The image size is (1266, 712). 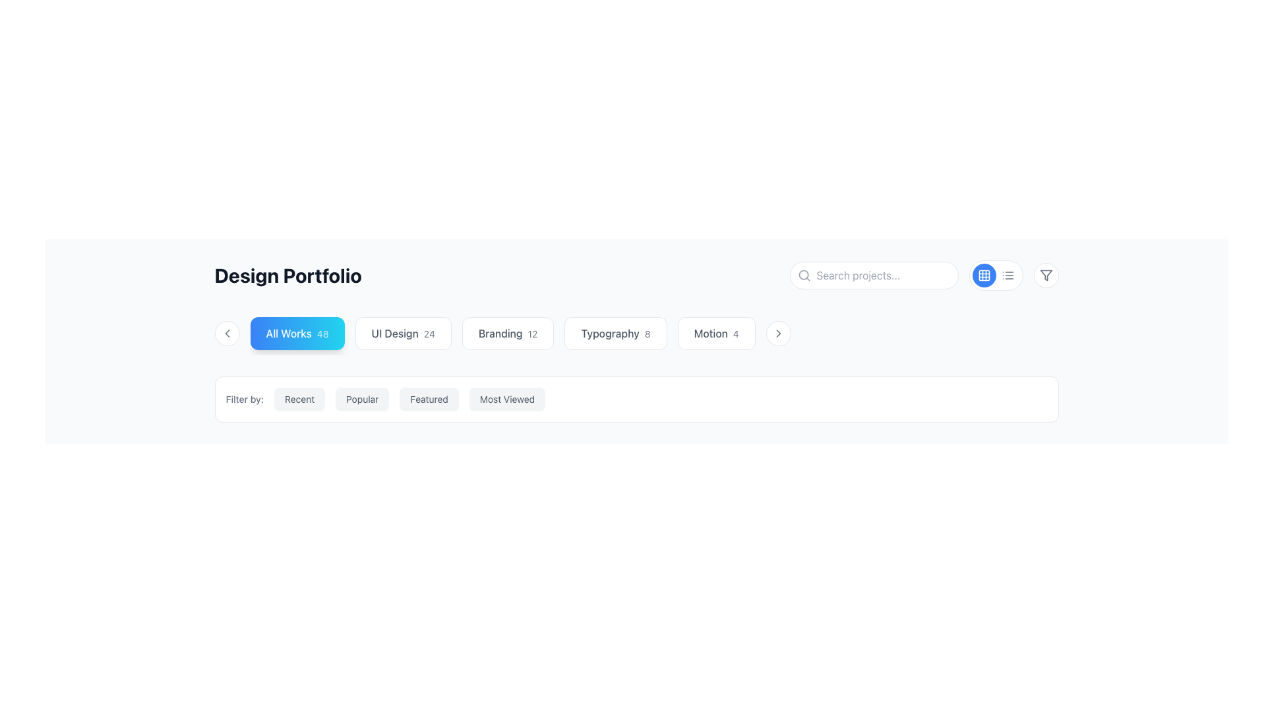 I want to click on the chevron icon button located within a circular button on the left side of the section tabs for keyboard navigation, so click(x=227, y=332).